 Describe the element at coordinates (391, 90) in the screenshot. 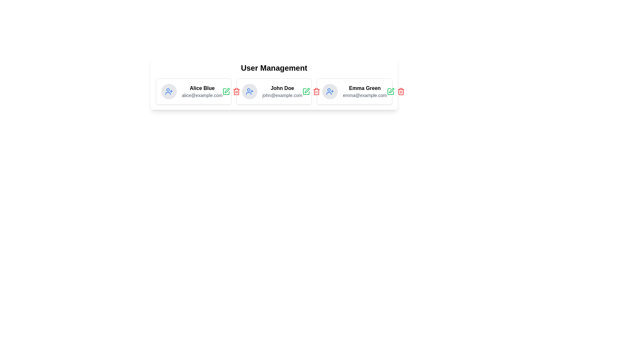

I see `the edit button located to the right of the user name 'Emma Green' to initiate editing of the associated user information block` at that location.